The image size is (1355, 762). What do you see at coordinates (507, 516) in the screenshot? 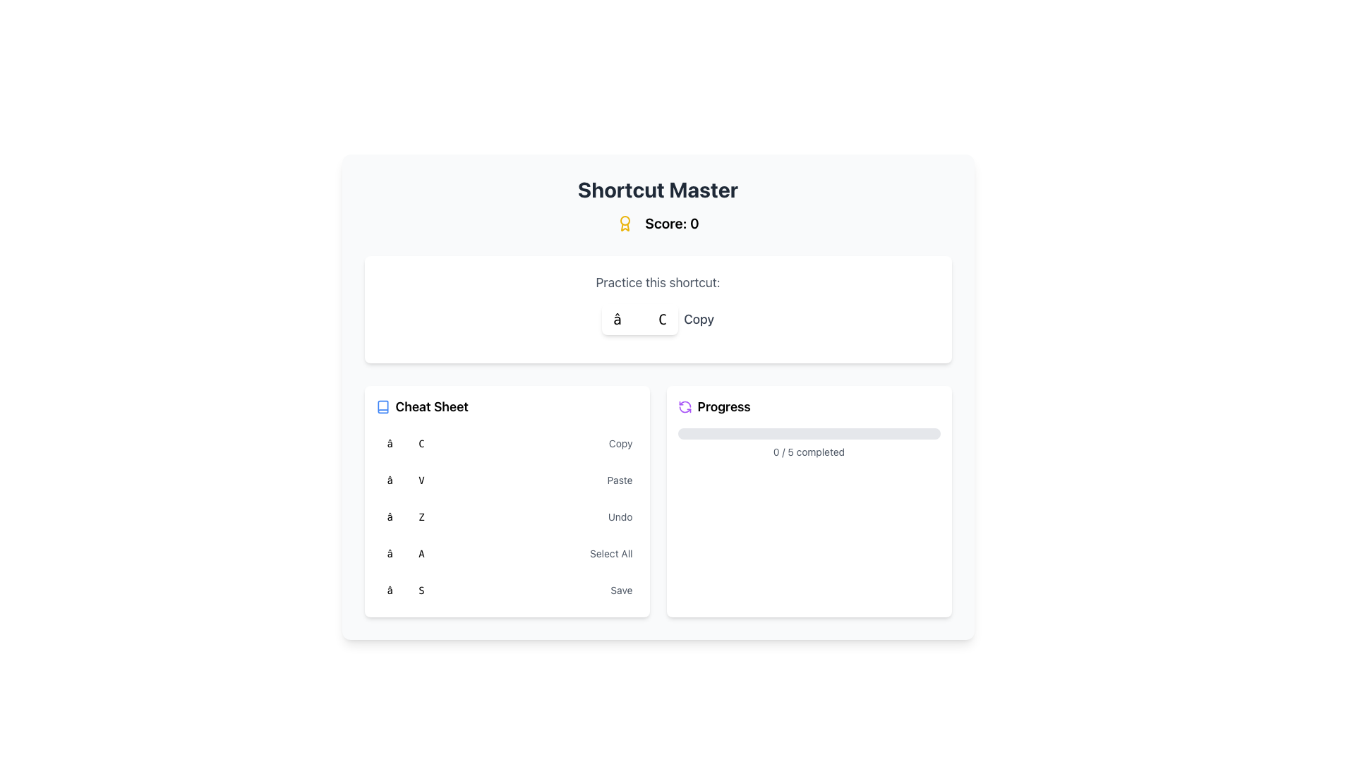
I see `the 'Undo' shortcut information element, which is the third item in the 'Cheat Sheet' list located in the left panel of the interface, positioned between 'Copy' and 'Paste' above 'Select All' and 'Save'` at bounding box center [507, 516].